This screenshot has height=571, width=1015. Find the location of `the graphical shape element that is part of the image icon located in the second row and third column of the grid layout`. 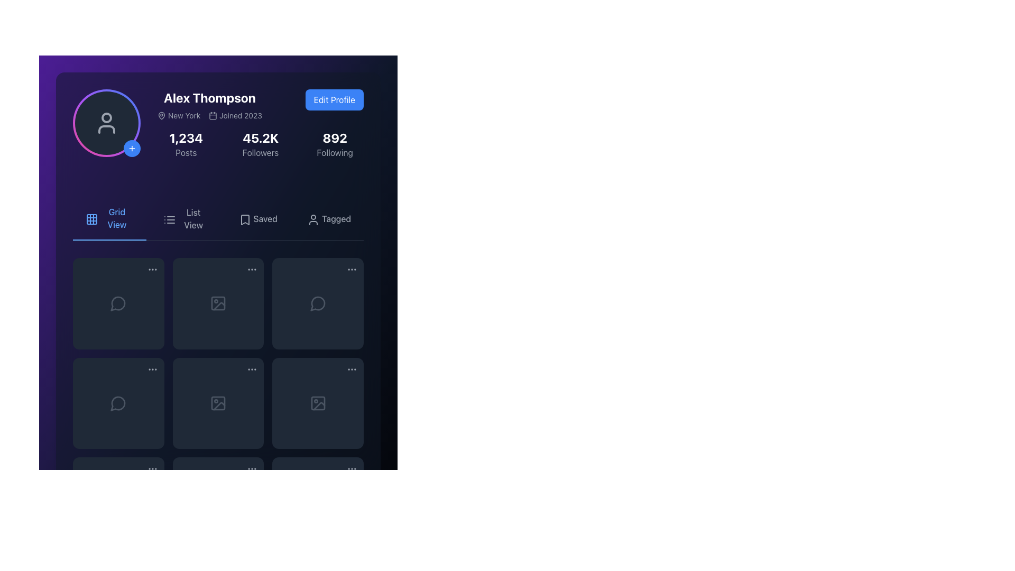

the graphical shape element that is part of the image icon located in the second row and third column of the grid layout is located at coordinates (217, 403).